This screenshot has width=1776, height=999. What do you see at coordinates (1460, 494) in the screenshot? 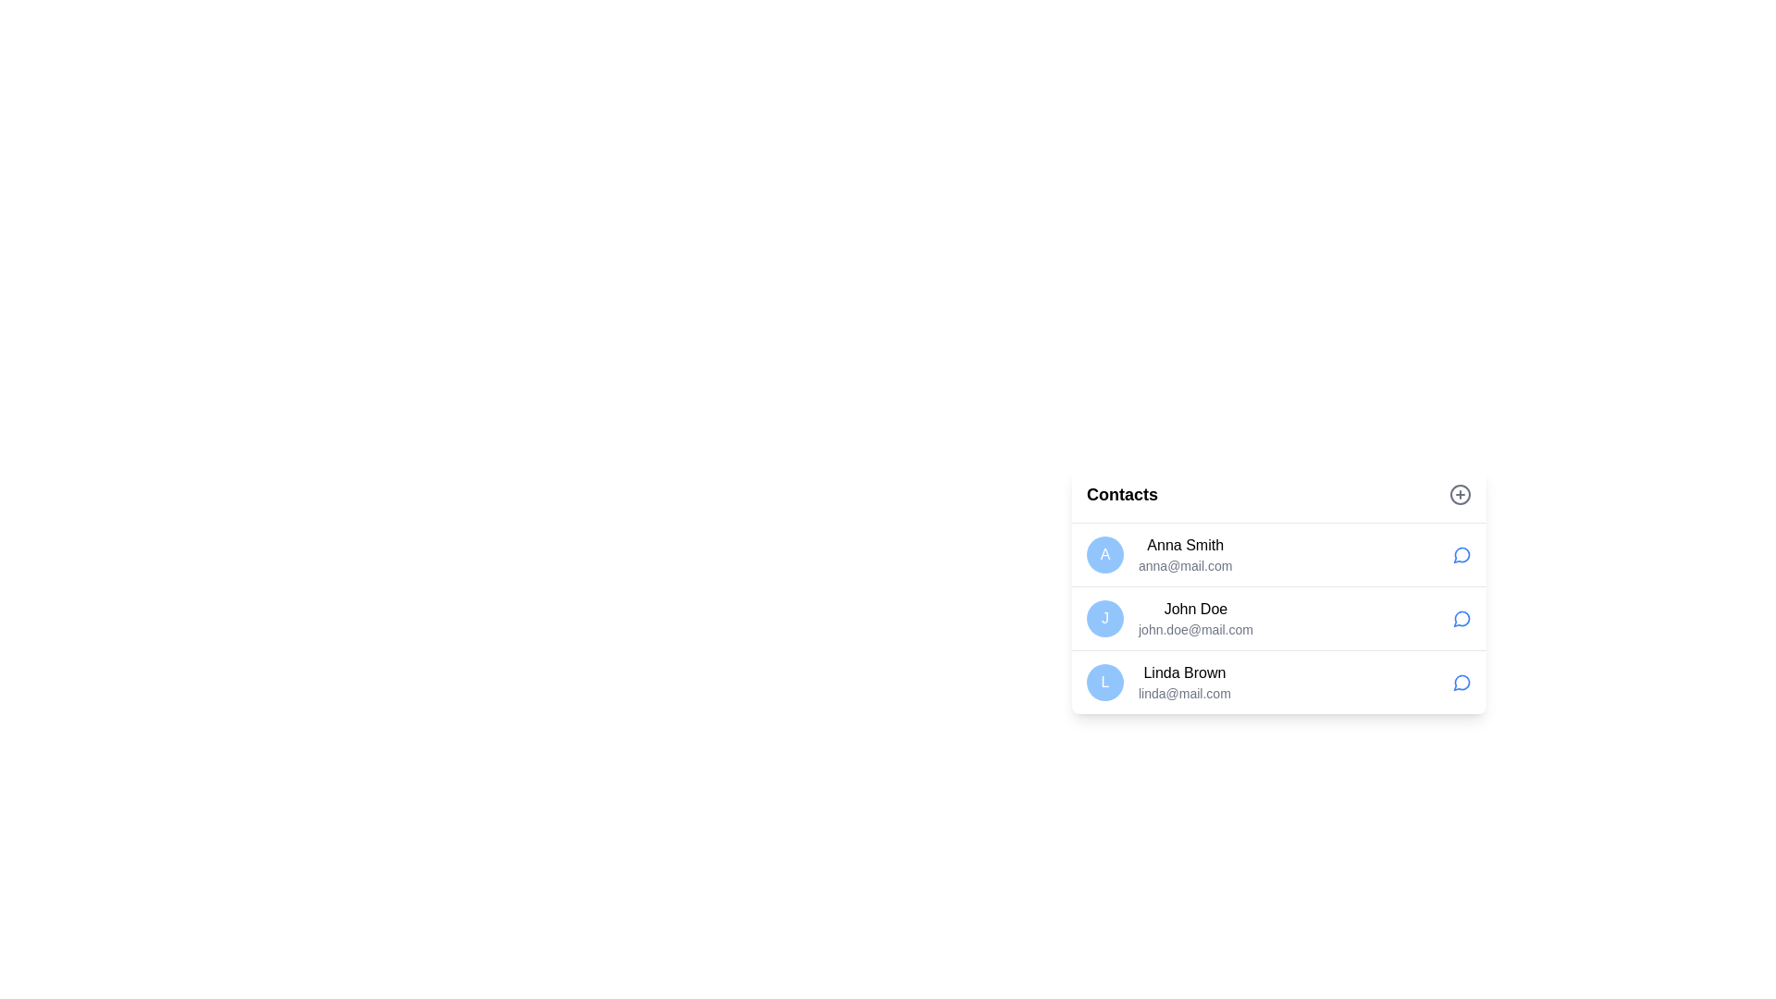
I see `the 'Add' button located at the top-right corner of the 'Contacts' section` at bounding box center [1460, 494].